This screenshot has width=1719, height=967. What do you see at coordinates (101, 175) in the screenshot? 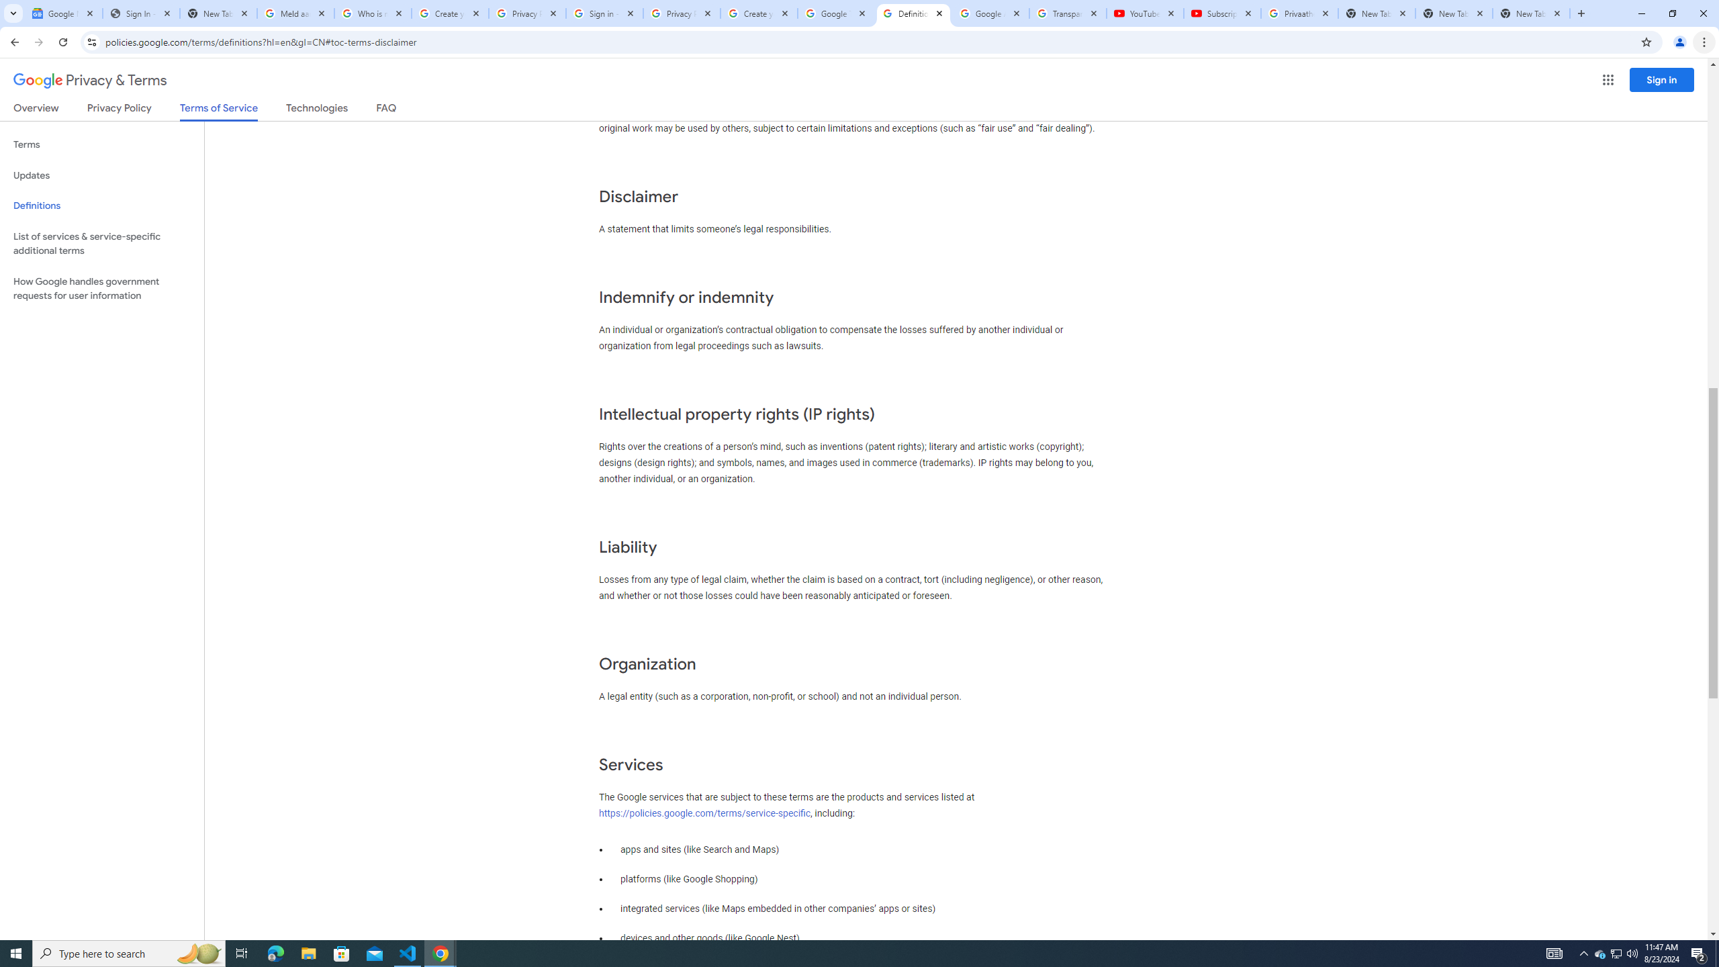
I see `'Updates'` at bounding box center [101, 175].